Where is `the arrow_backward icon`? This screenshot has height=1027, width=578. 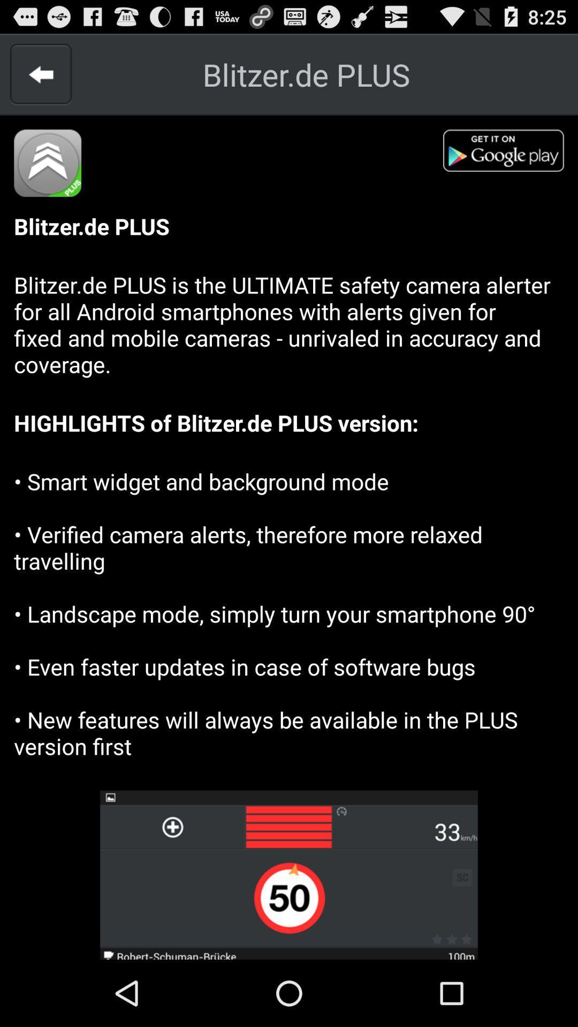
the arrow_backward icon is located at coordinates (40, 79).